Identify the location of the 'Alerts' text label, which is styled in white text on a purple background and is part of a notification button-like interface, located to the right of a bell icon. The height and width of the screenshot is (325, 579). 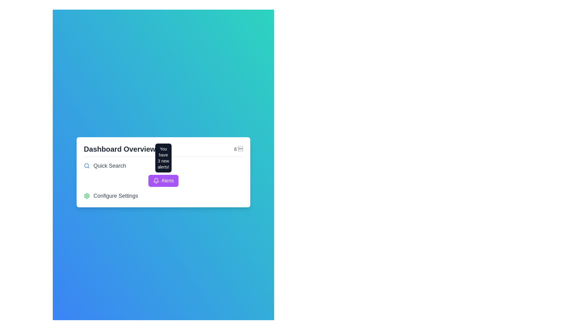
(168, 180).